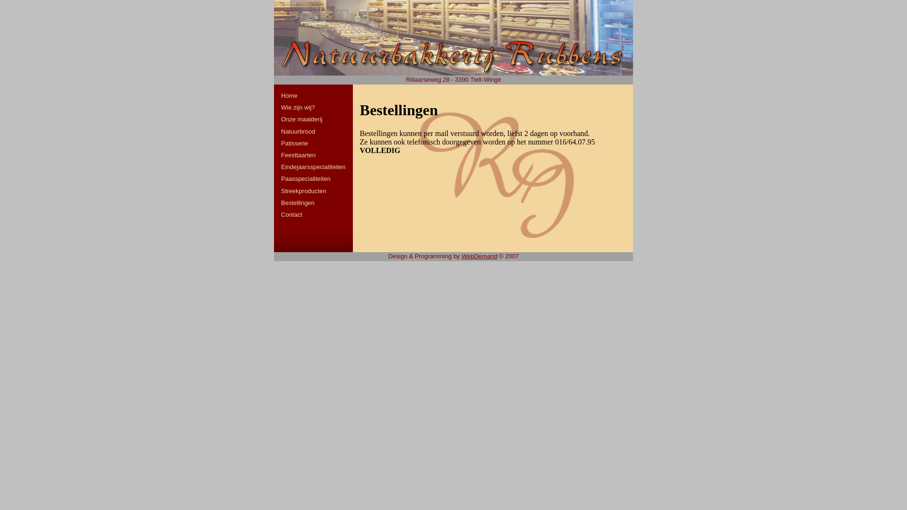  Describe the element at coordinates (303, 190) in the screenshot. I see `'Streekproducten'` at that location.